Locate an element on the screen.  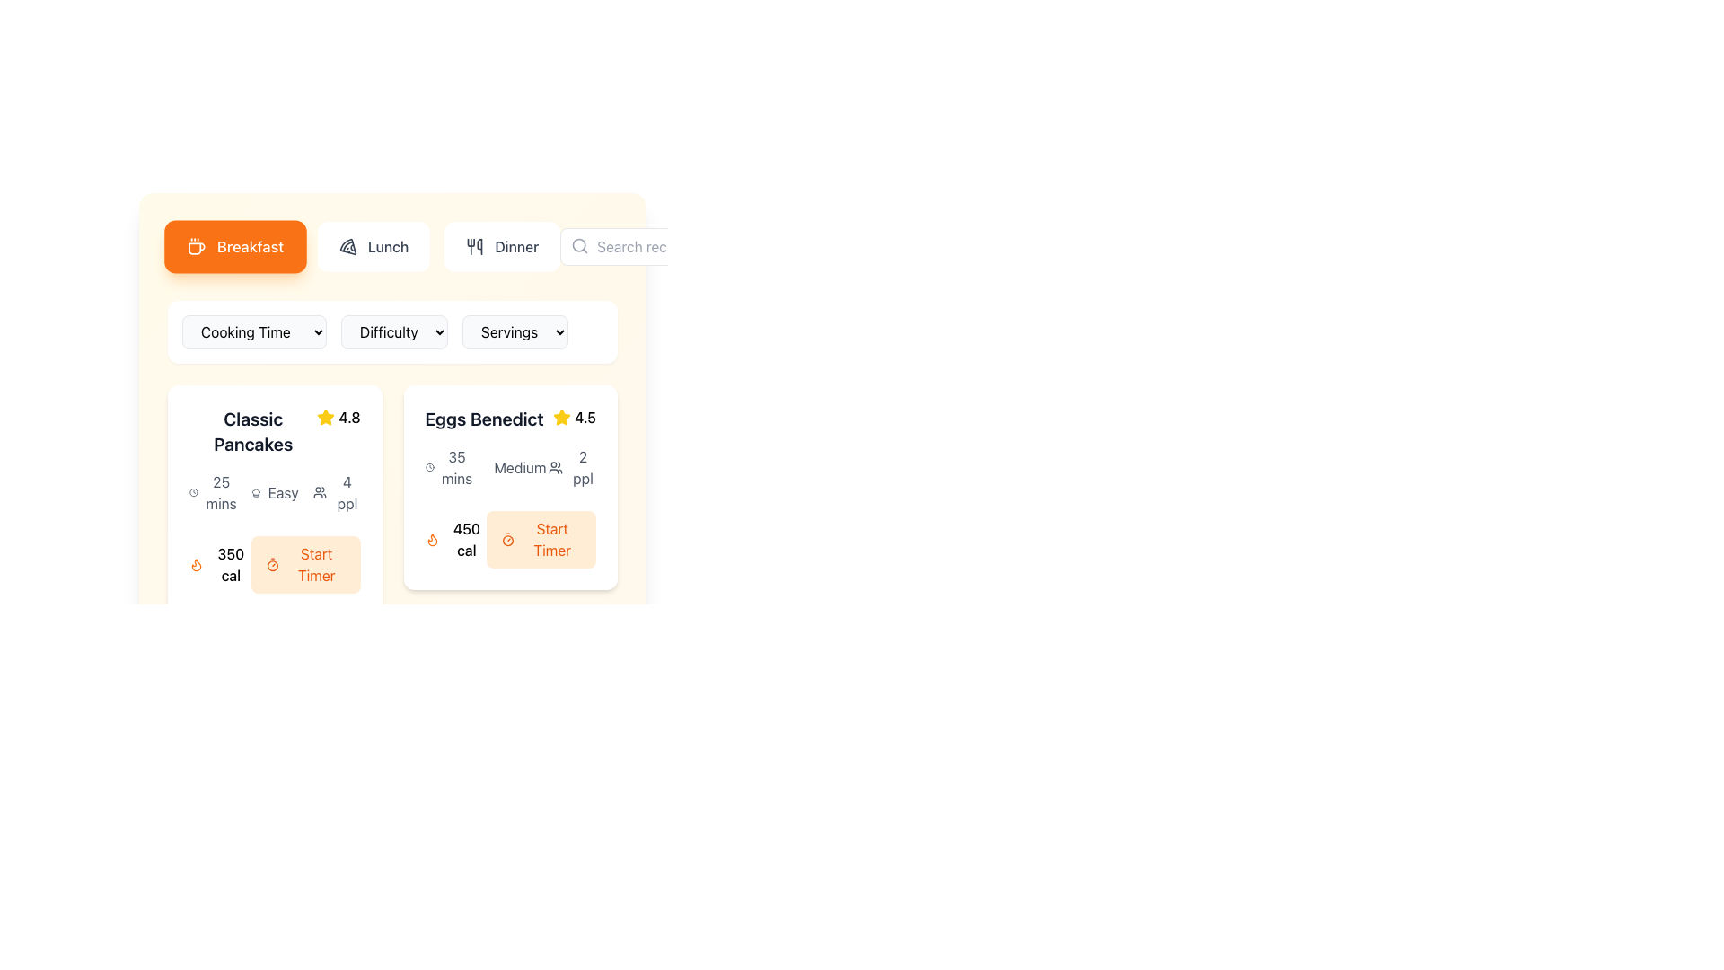
the representation of the user group icon, which is a minimal two-person silhouette design located to the left of the '1 ppl' text in the lower-right region of the interface is located at coordinates (320, 719).